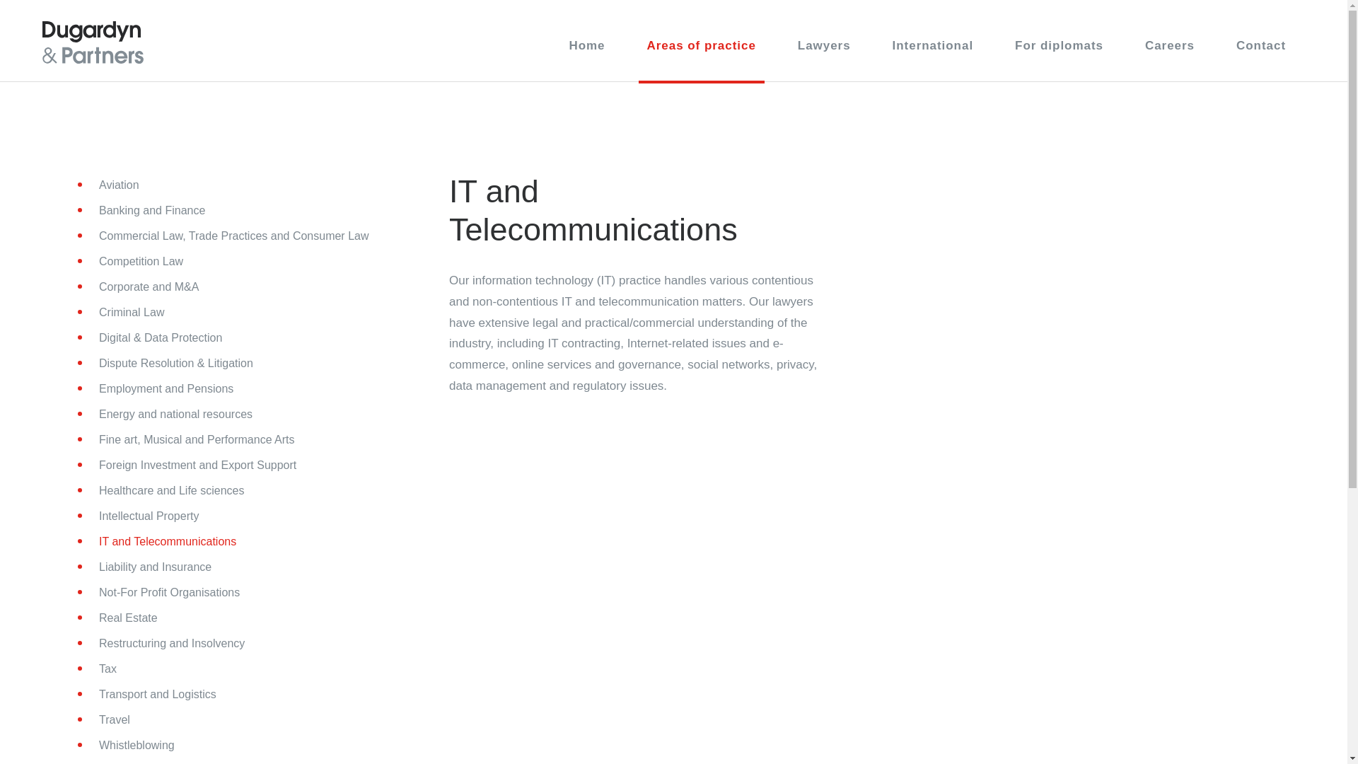  I want to click on 'Banking and Finance', so click(142, 210).